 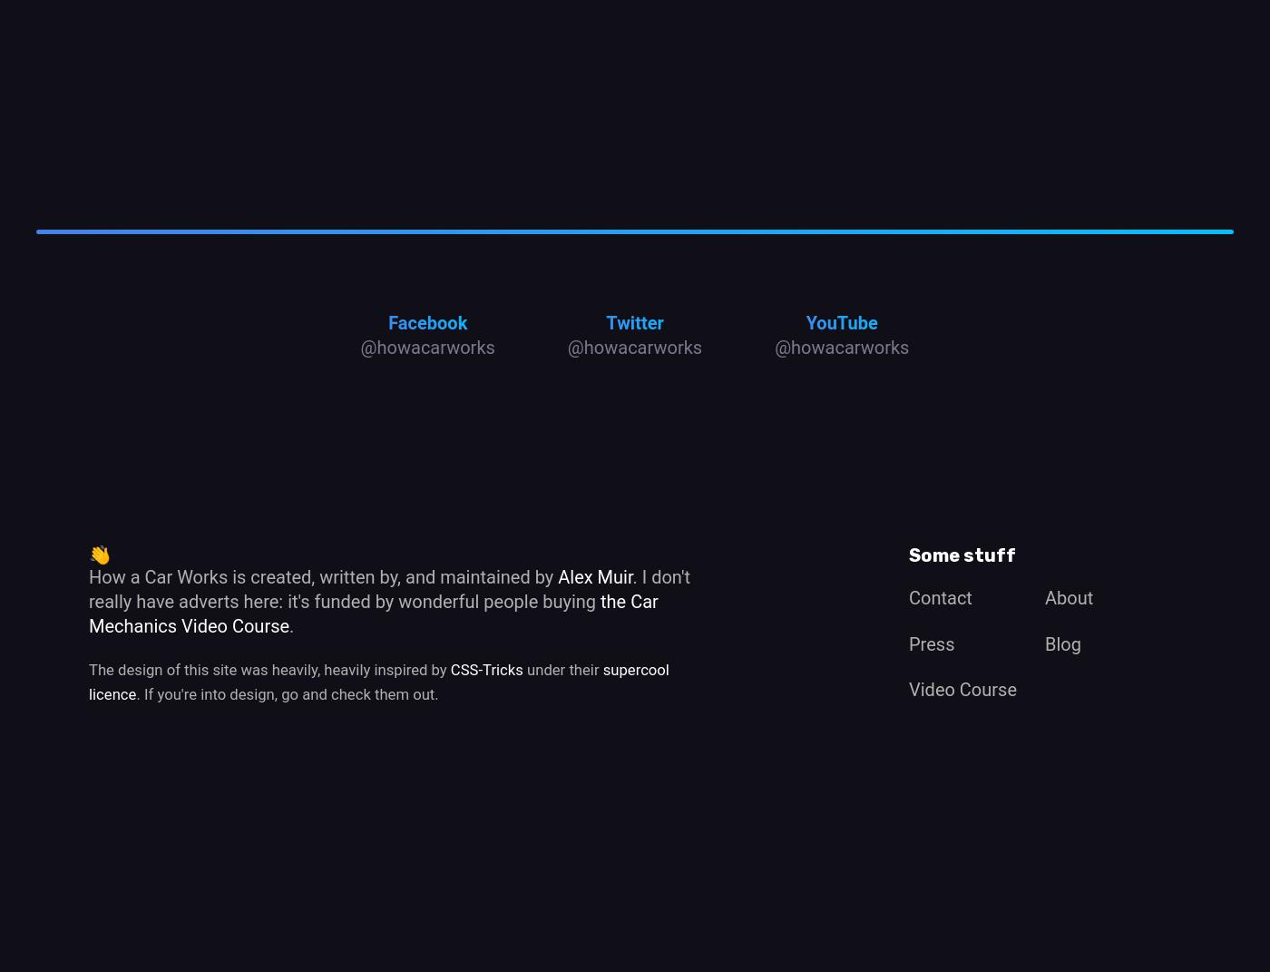 I want to click on '. I don't really have adverts here: it's funded by wonderful people buying', so click(x=388, y=587).